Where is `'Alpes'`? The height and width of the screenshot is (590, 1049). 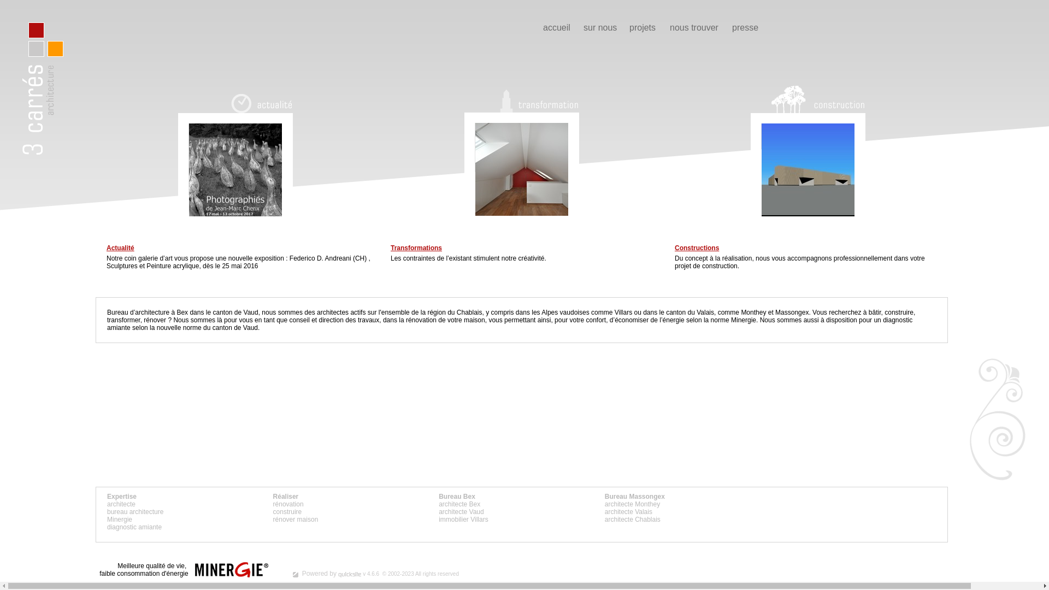 'Alpes' is located at coordinates (550, 312).